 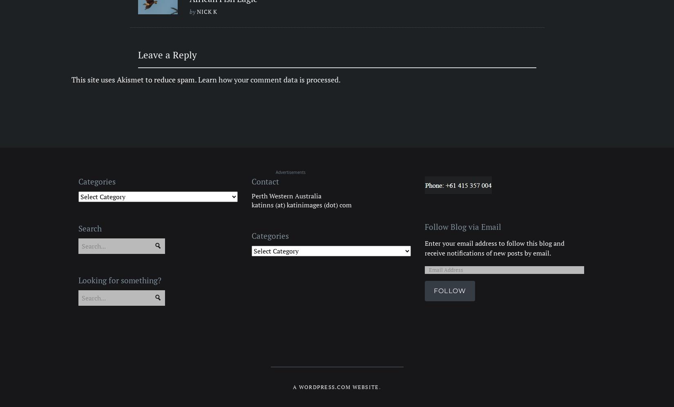 I want to click on 'Follow', so click(x=450, y=290).